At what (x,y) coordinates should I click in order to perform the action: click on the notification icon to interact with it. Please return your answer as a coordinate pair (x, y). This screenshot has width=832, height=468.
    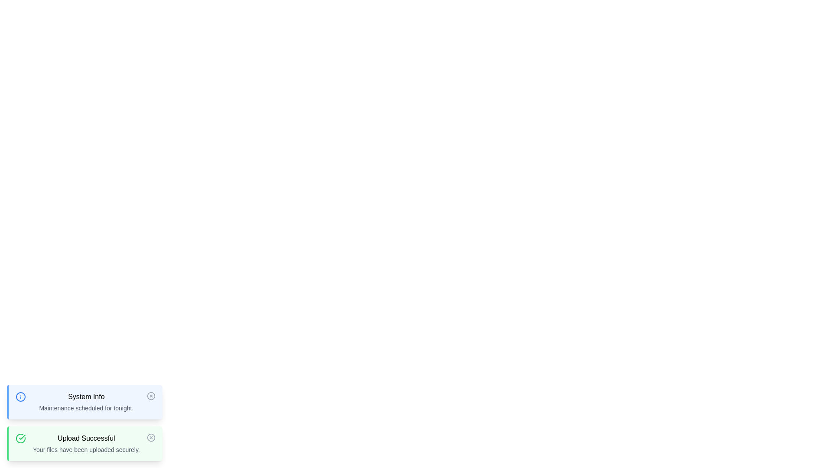
    Looking at the image, I should click on (21, 396).